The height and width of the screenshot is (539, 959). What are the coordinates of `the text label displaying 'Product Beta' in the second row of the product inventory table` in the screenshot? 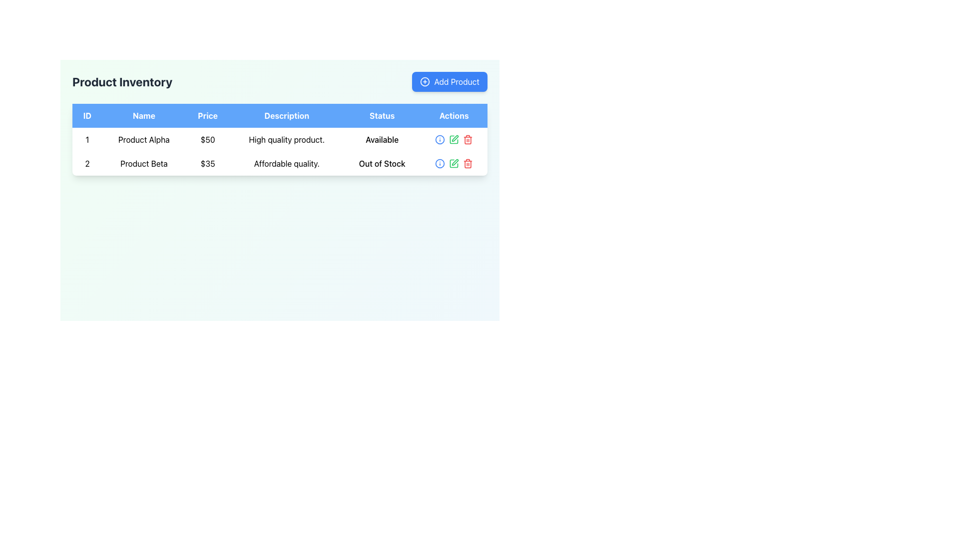 It's located at (143, 163).